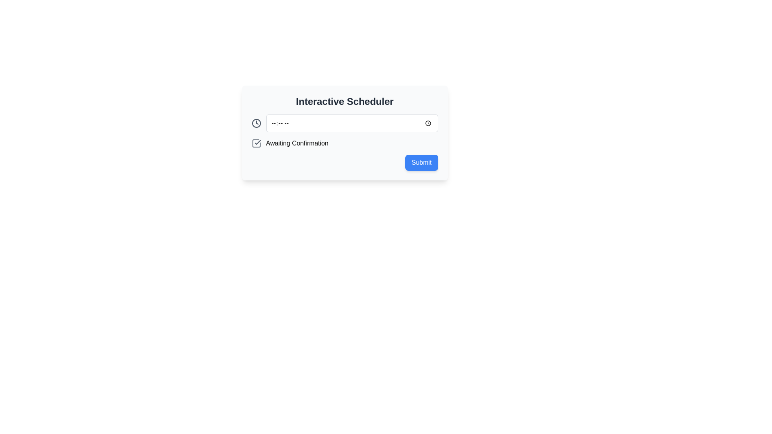  I want to click on the confirmation icon located below the text field and aligned vertically with the 'Awaiting Confirmation' label, so click(258, 142).